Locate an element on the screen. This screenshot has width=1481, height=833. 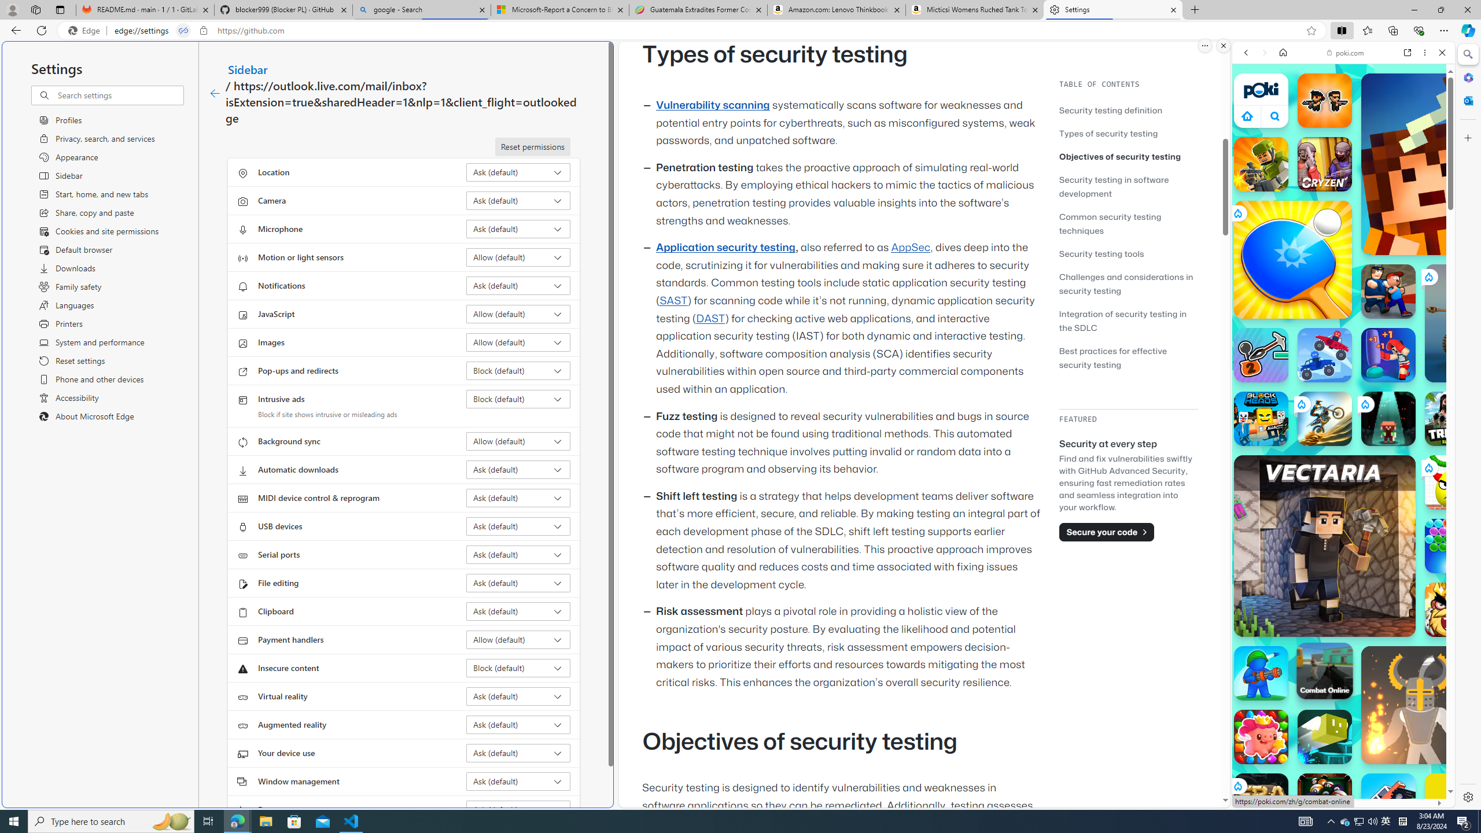
'Objectives of security testing' is located at coordinates (1128, 156).